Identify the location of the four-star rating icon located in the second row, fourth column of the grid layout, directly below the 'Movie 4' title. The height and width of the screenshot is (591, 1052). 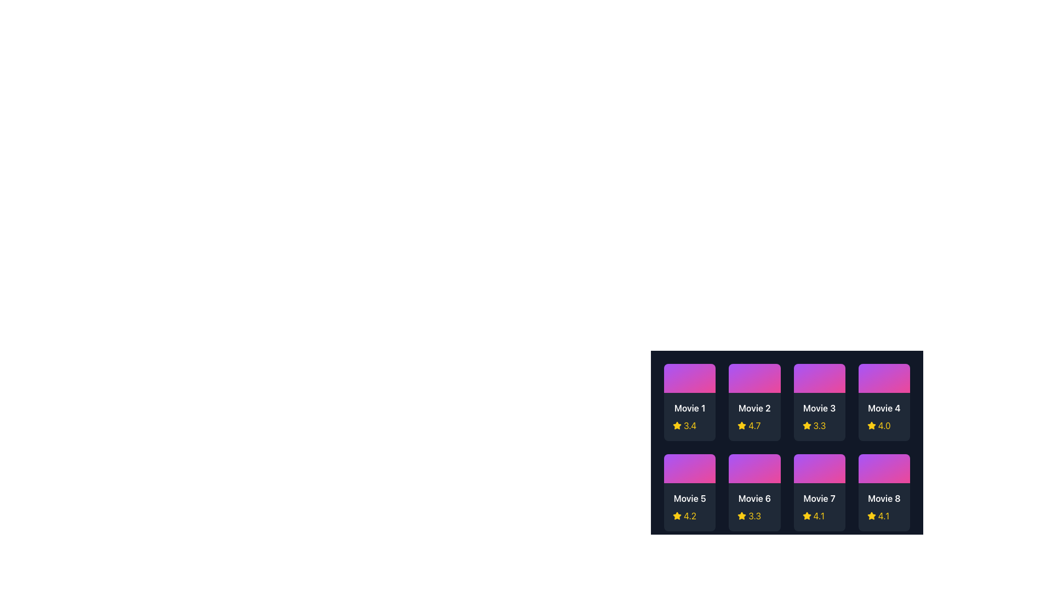
(871, 425).